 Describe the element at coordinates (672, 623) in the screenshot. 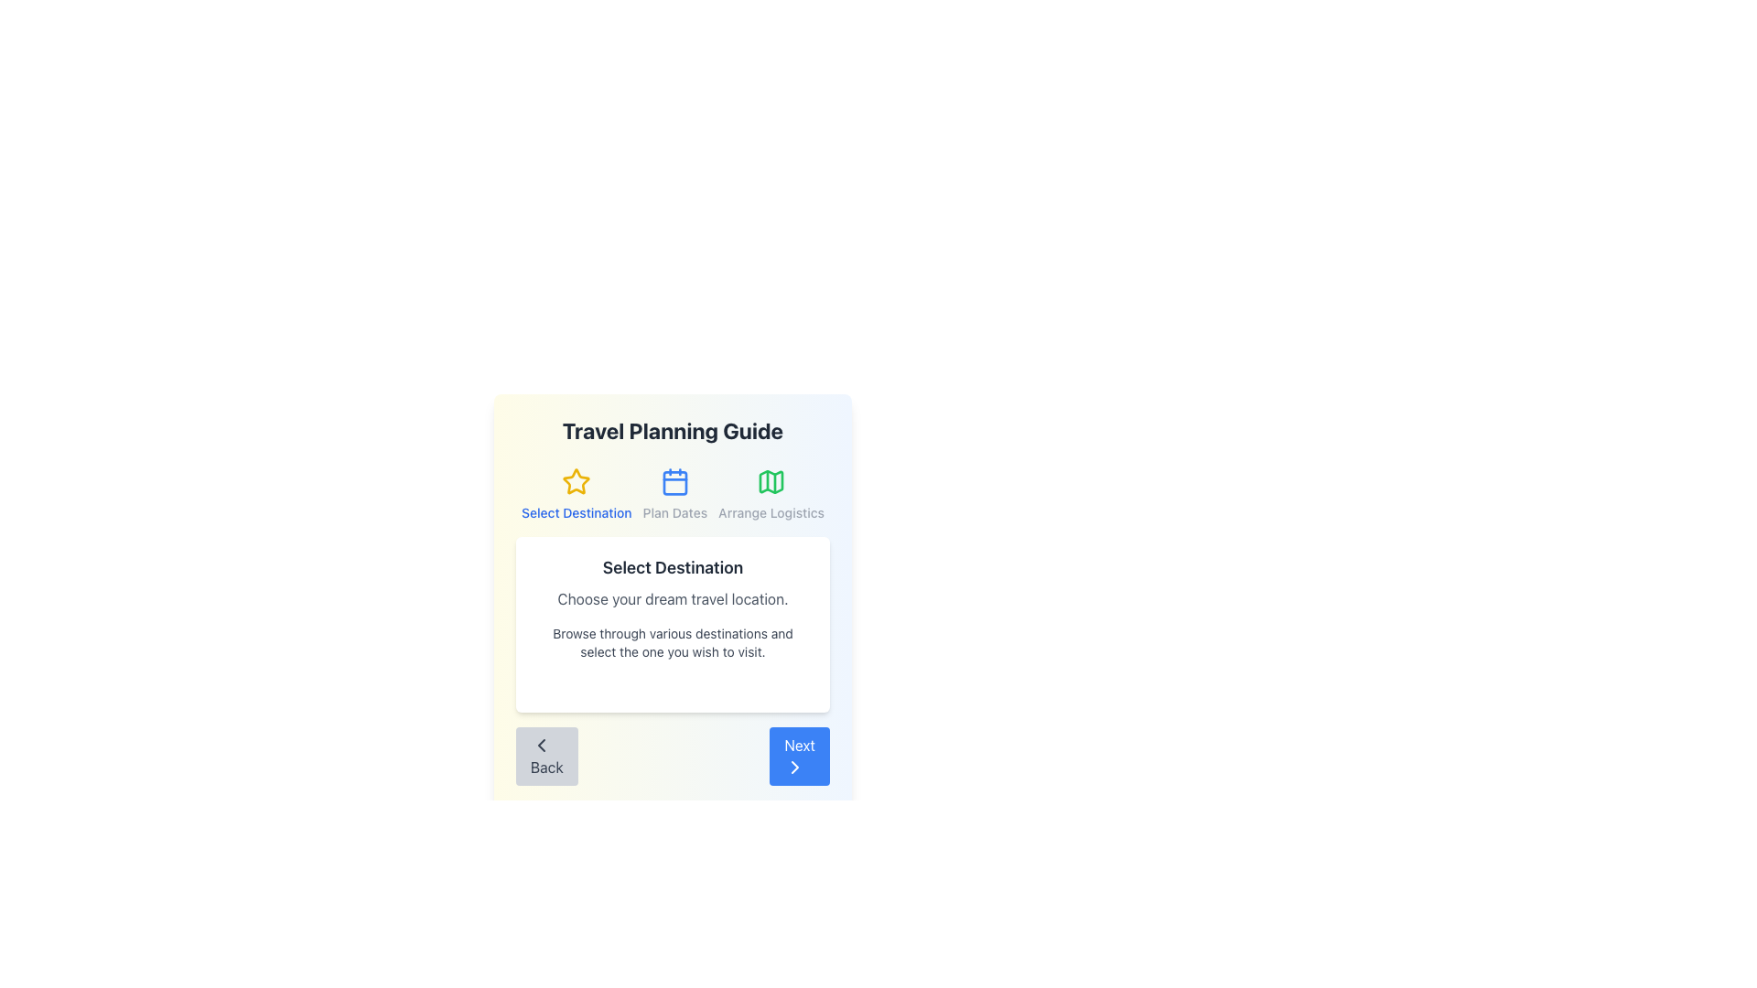

I see `information displayed in the Informational Card titled 'Select Destination' which is centrally located with a white background and rounded corners` at that location.